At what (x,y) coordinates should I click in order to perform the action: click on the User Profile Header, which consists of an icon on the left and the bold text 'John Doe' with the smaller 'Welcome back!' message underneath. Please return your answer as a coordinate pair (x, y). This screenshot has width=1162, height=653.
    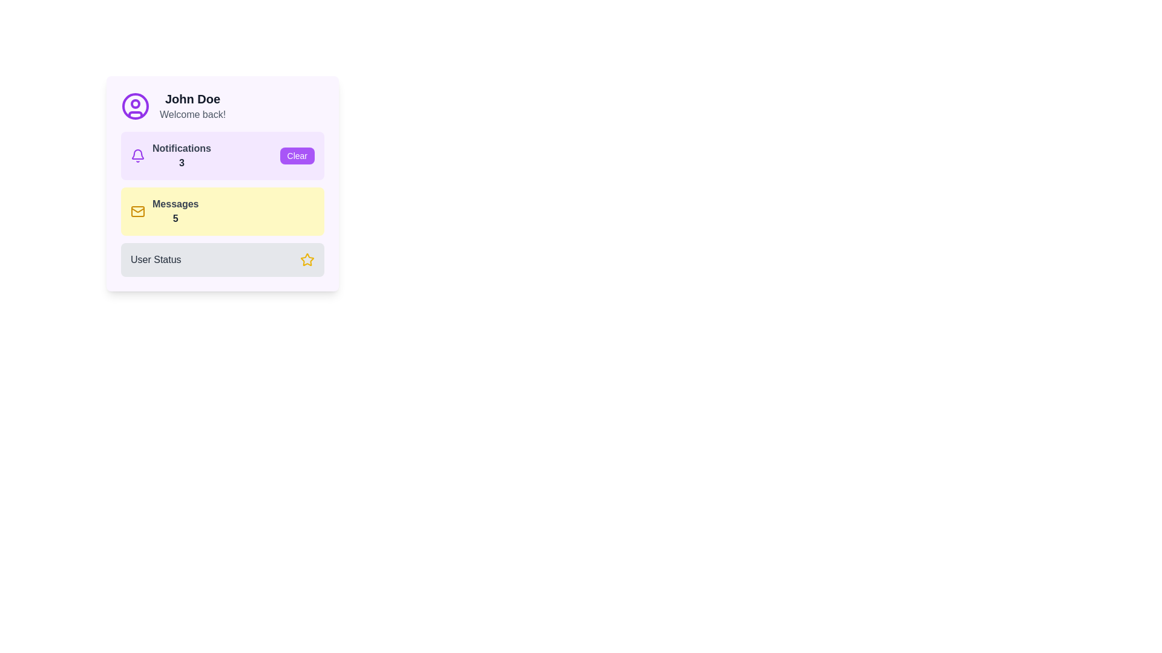
    Looking at the image, I should click on (223, 106).